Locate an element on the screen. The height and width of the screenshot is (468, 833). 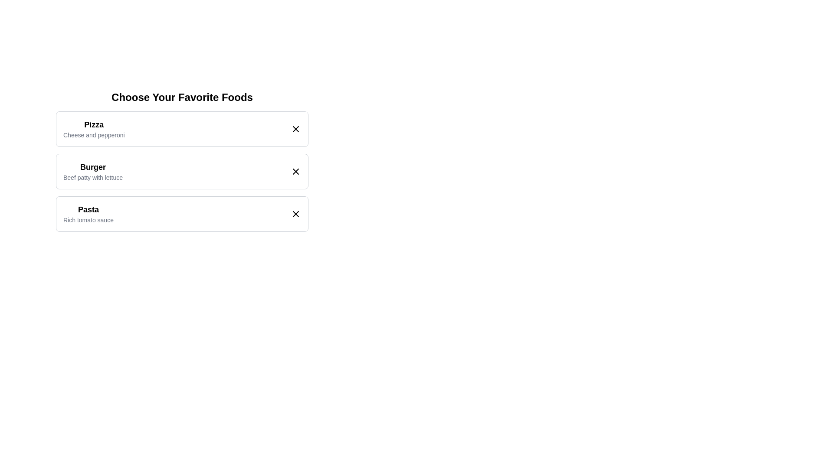
the 'Burger' text label, which is styled in bold black font and serves as the title for the second item in the 'Choose Your Favorite Foods' list is located at coordinates (93, 167).